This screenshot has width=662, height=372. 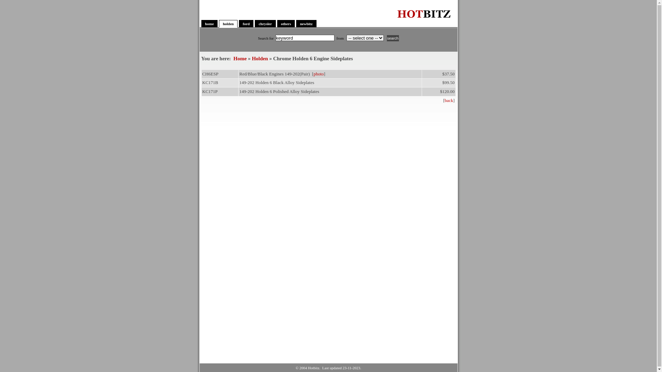 What do you see at coordinates (209, 23) in the screenshot?
I see `'home'` at bounding box center [209, 23].